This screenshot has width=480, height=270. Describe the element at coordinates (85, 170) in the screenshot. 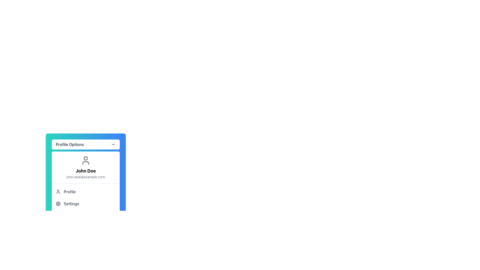

I see `the static text displaying the user's name located in the middle of the profile card, positioned below the user icon and above the email text` at that location.